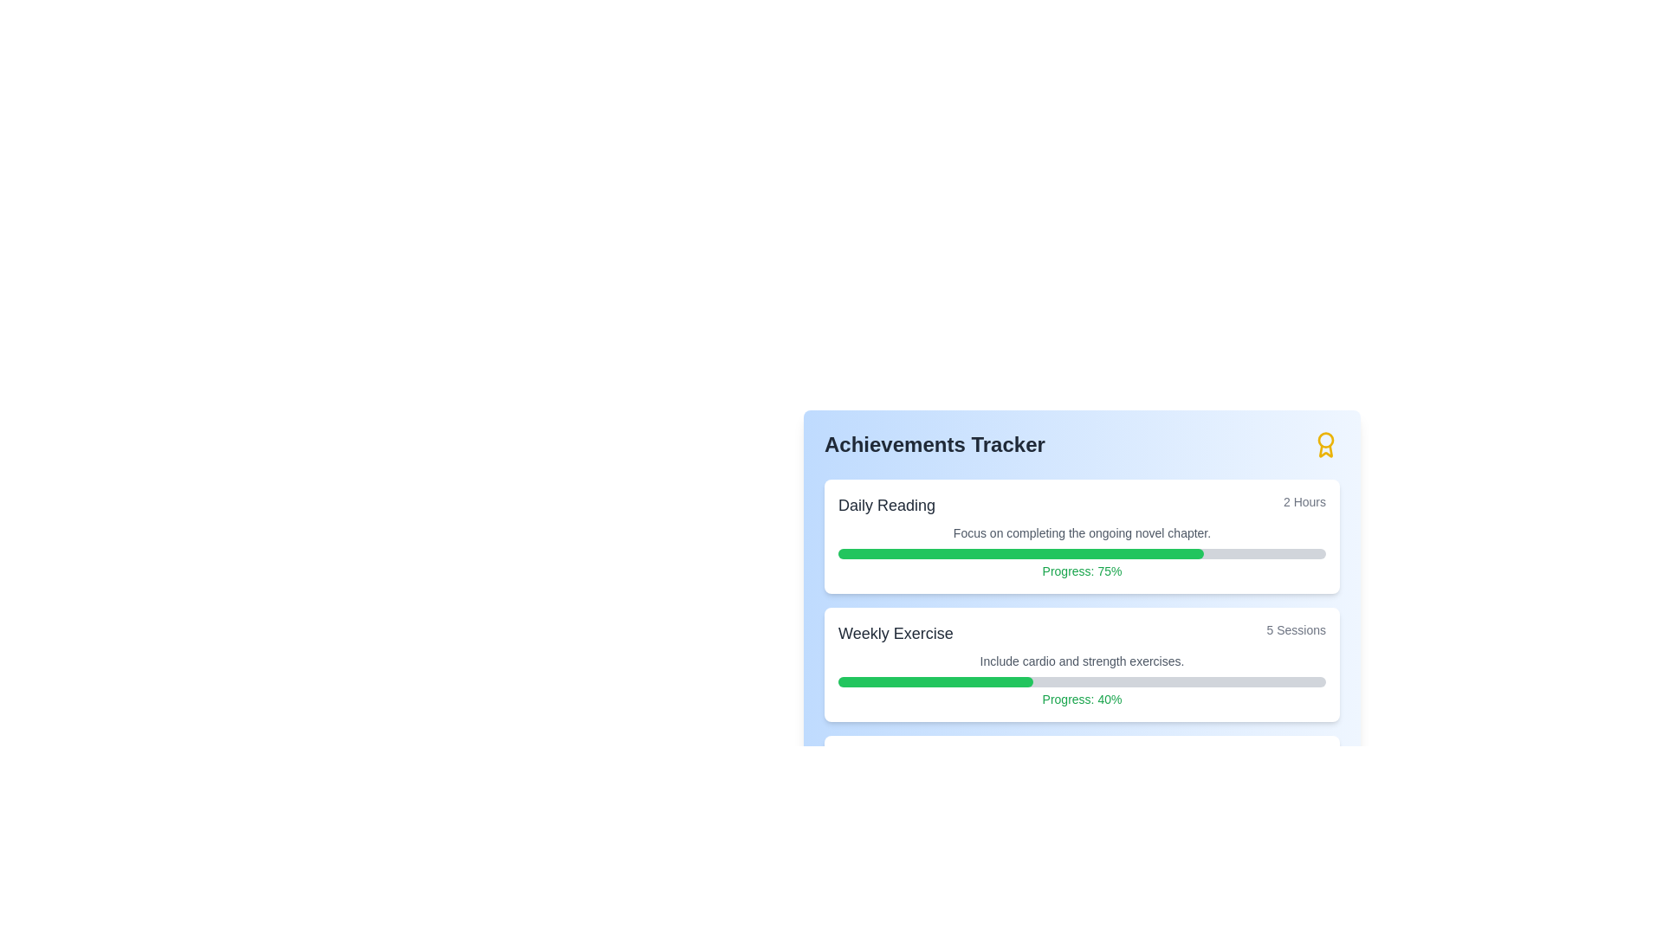 This screenshot has width=1663, height=935. Describe the element at coordinates (1081, 571) in the screenshot. I see `text content of the progress indicator label located below the green-filled progress bar in the 'Daily Reading' section` at that location.